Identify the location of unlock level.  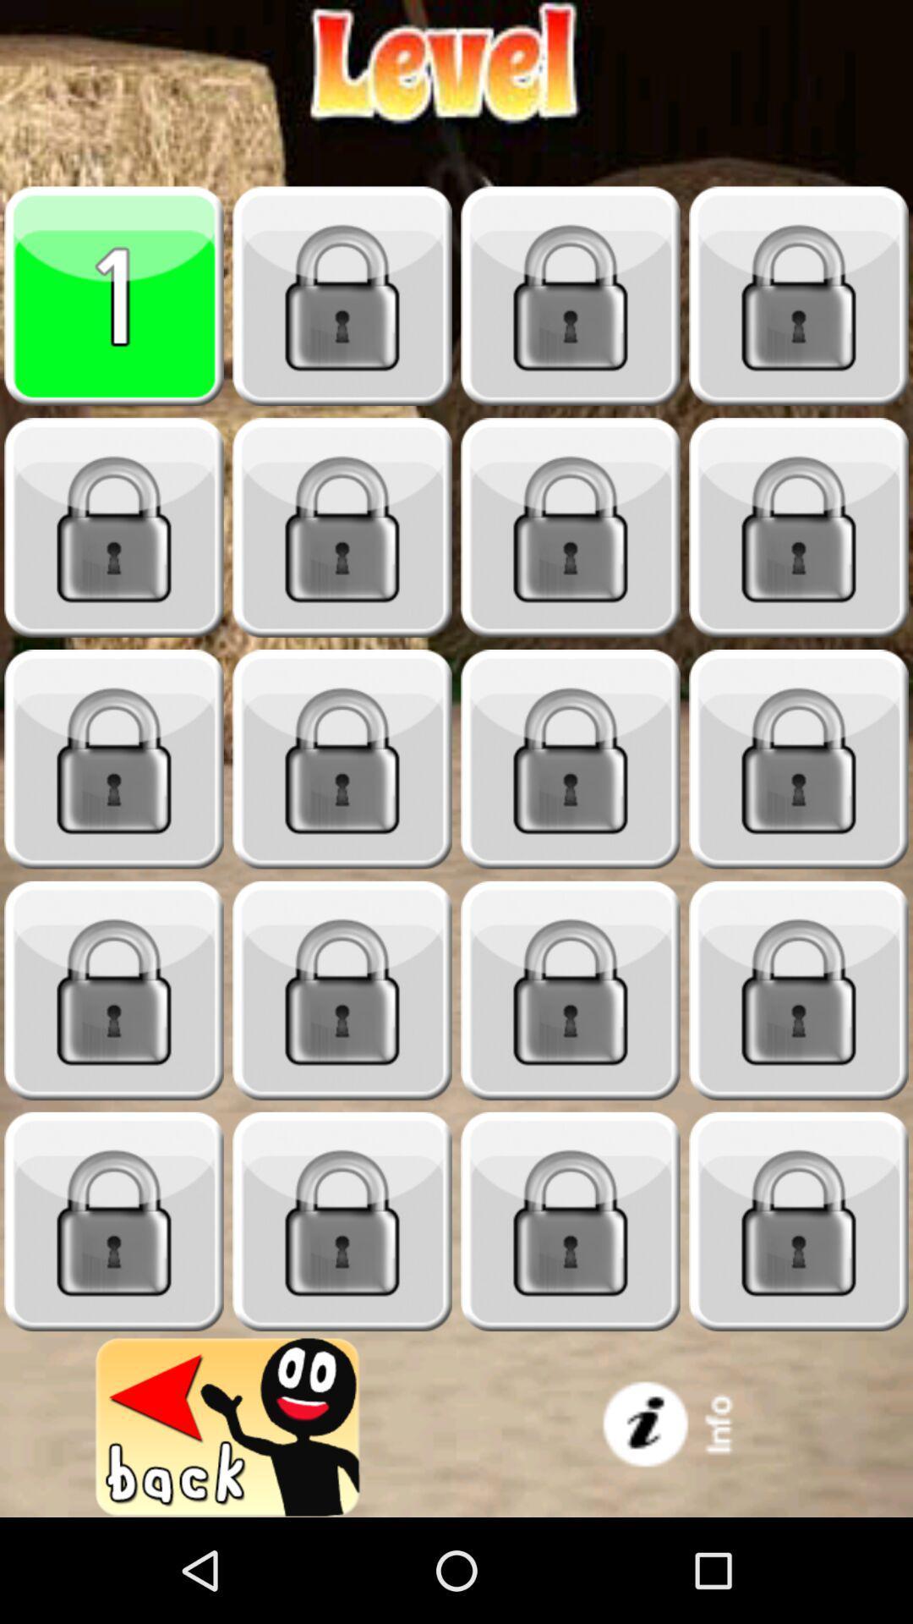
(571, 296).